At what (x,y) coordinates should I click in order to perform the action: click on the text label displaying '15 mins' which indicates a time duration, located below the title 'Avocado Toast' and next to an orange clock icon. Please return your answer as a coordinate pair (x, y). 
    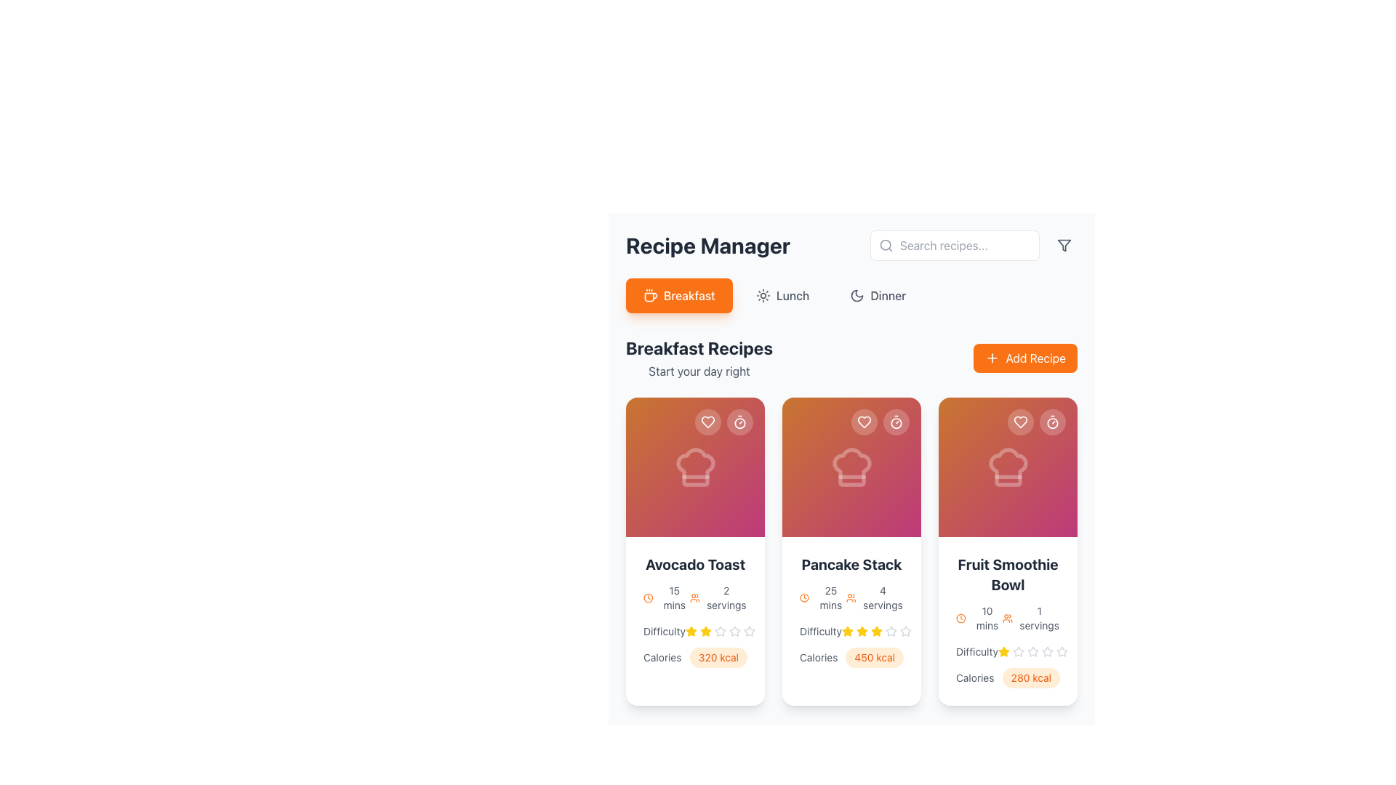
    Looking at the image, I should click on (665, 597).